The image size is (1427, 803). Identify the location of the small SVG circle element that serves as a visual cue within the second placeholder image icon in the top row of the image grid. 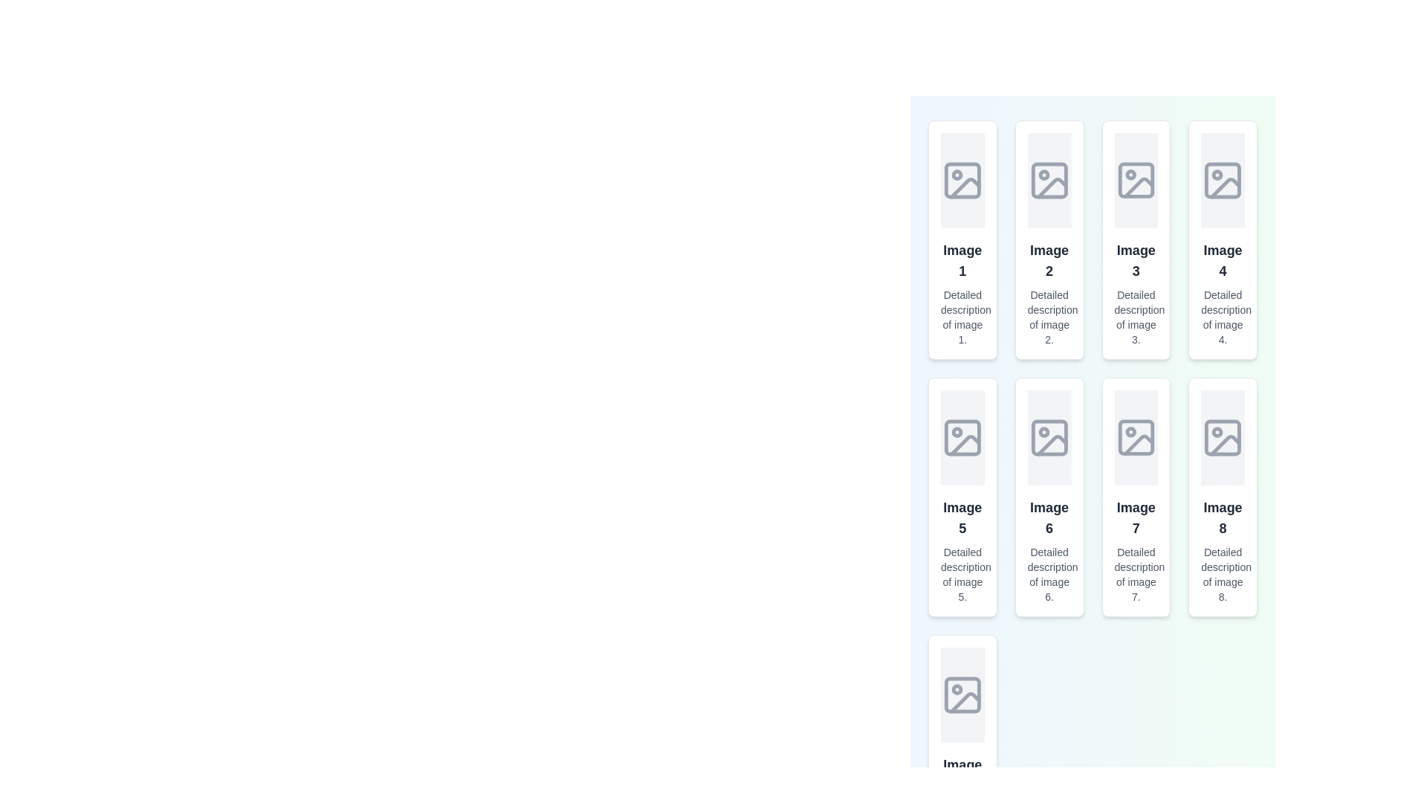
(1043, 174).